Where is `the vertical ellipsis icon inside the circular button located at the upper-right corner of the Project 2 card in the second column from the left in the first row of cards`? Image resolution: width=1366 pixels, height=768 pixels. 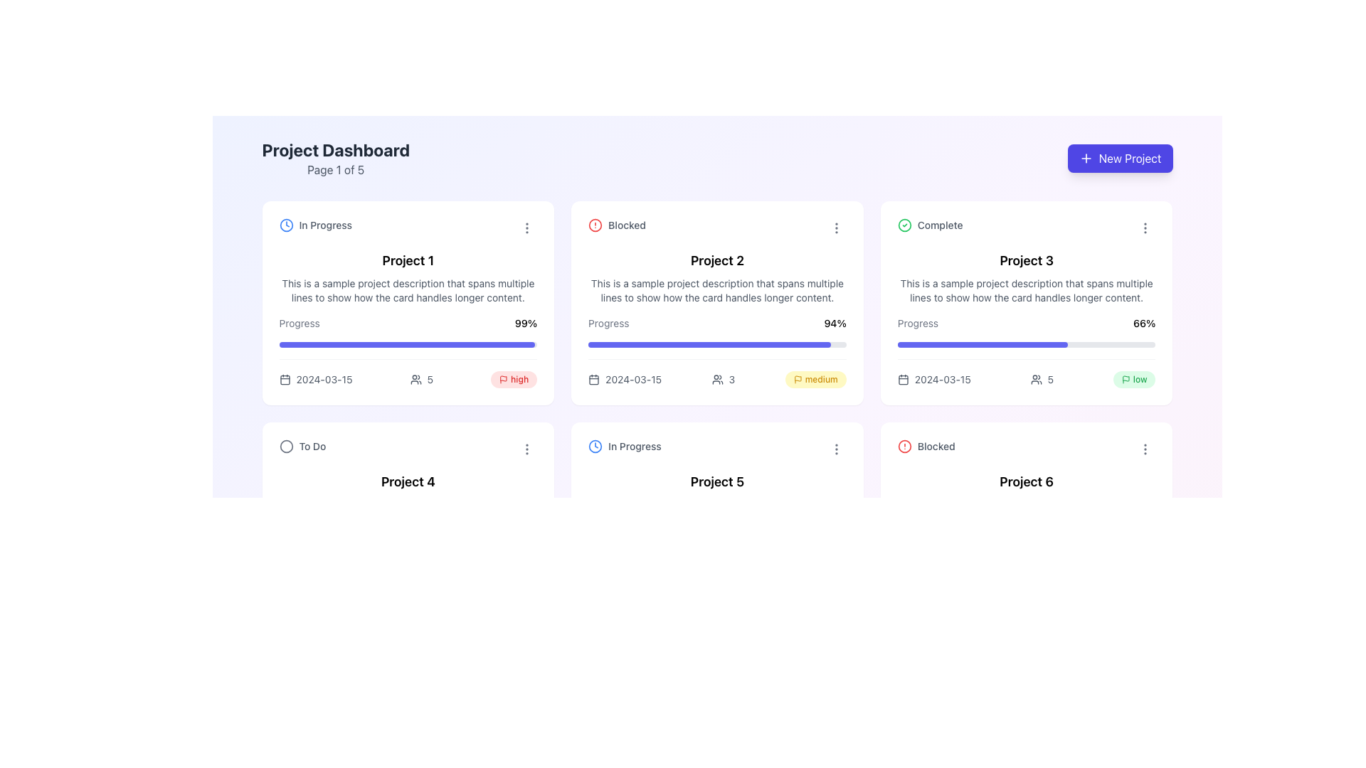
the vertical ellipsis icon inside the circular button located at the upper-right corner of the Project 2 card in the second column from the left in the first row of cards is located at coordinates (836, 227).